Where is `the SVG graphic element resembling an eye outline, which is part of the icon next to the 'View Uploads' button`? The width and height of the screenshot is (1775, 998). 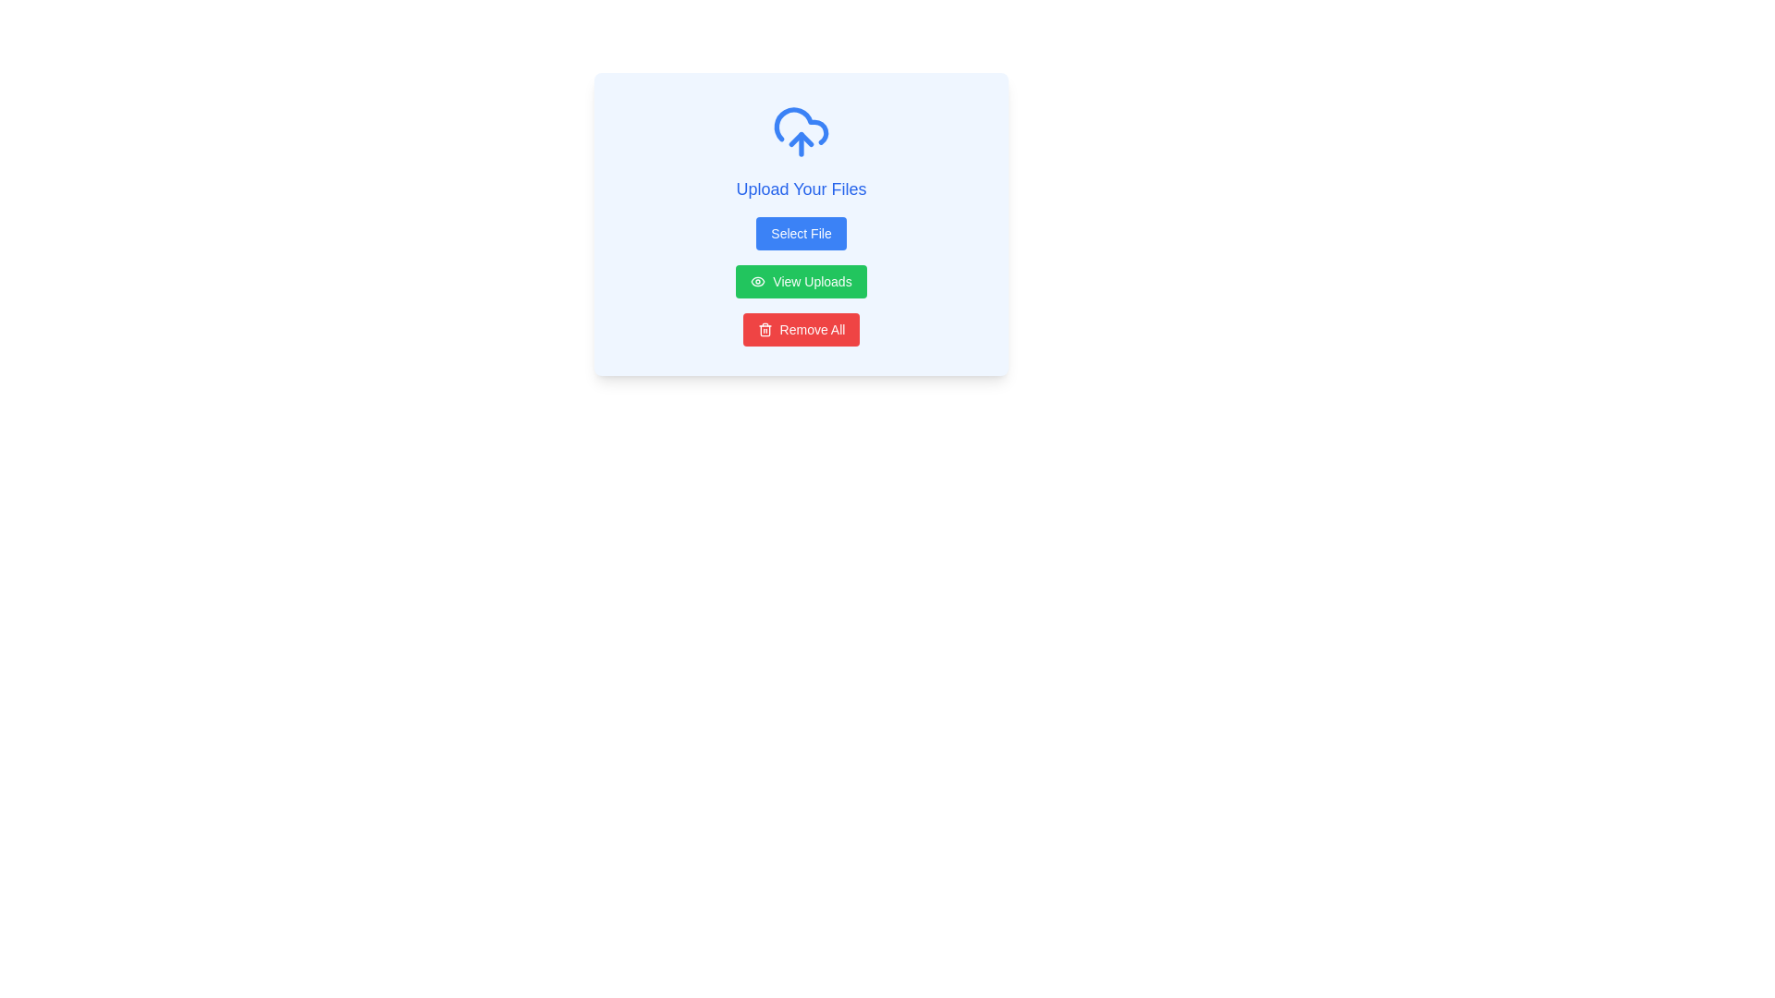
the SVG graphic element resembling an eye outline, which is part of the icon next to the 'View Uploads' button is located at coordinates (758, 281).